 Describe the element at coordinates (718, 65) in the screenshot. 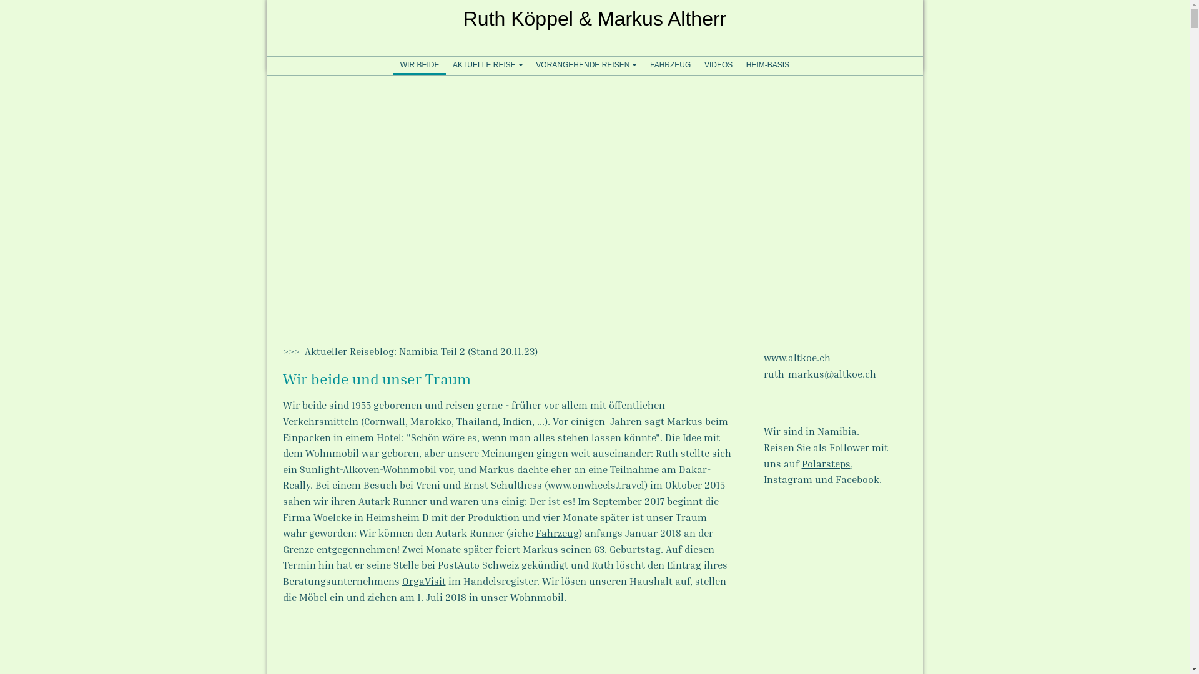

I see `'VIDEOS'` at that location.